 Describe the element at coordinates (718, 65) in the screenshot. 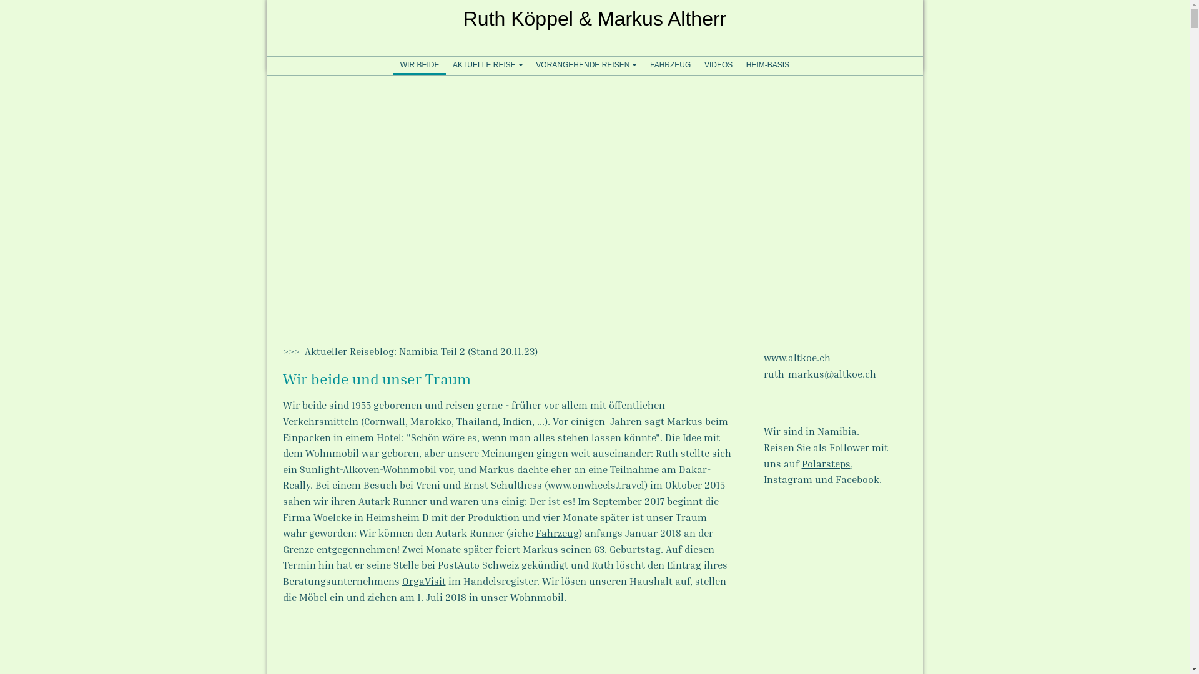

I see `'VIDEOS'` at that location.